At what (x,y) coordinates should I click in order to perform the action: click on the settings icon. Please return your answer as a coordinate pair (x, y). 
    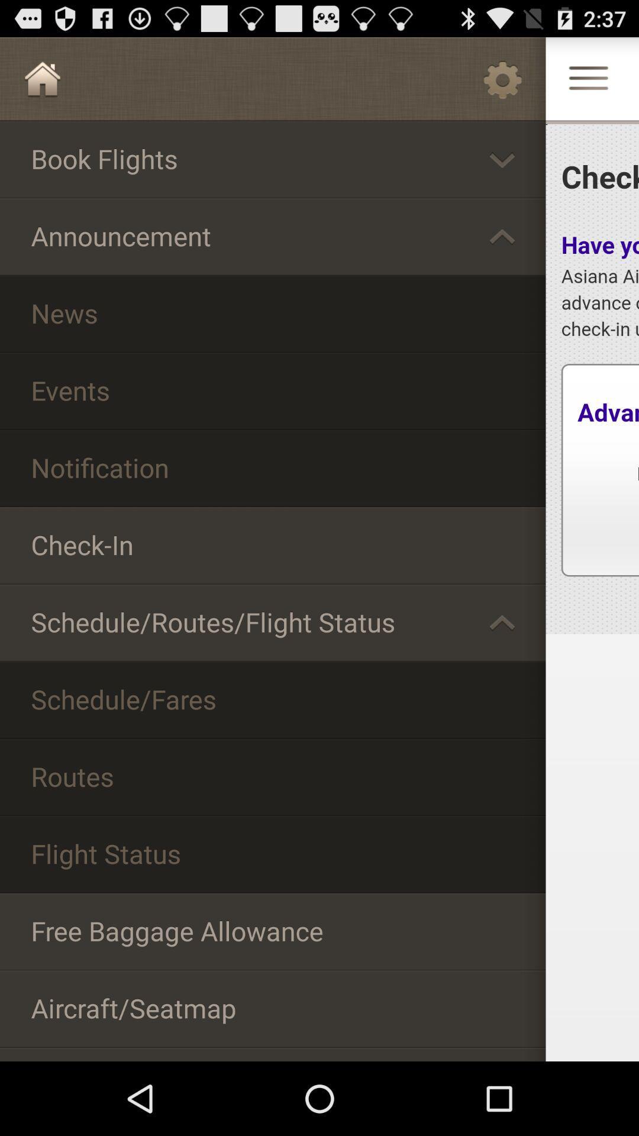
    Looking at the image, I should click on (502, 83).